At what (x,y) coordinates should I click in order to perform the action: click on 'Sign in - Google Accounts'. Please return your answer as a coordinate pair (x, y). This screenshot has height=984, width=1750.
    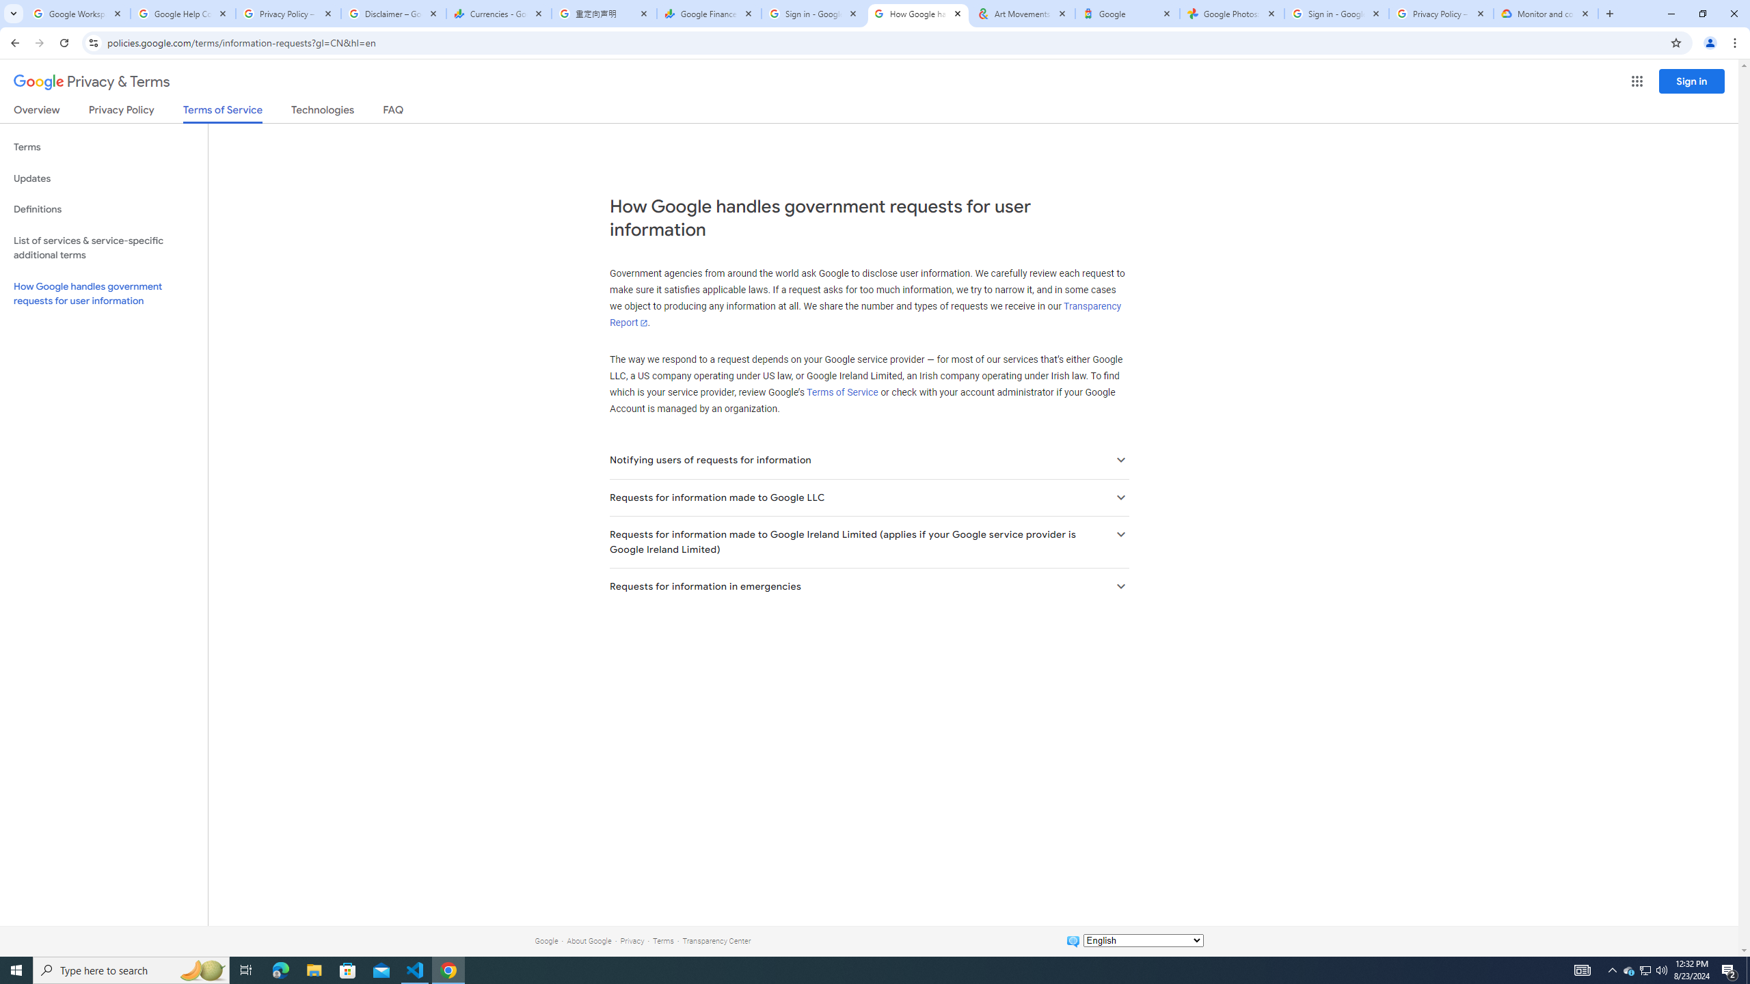
    Looking at the image, I should click on (1335, 13).